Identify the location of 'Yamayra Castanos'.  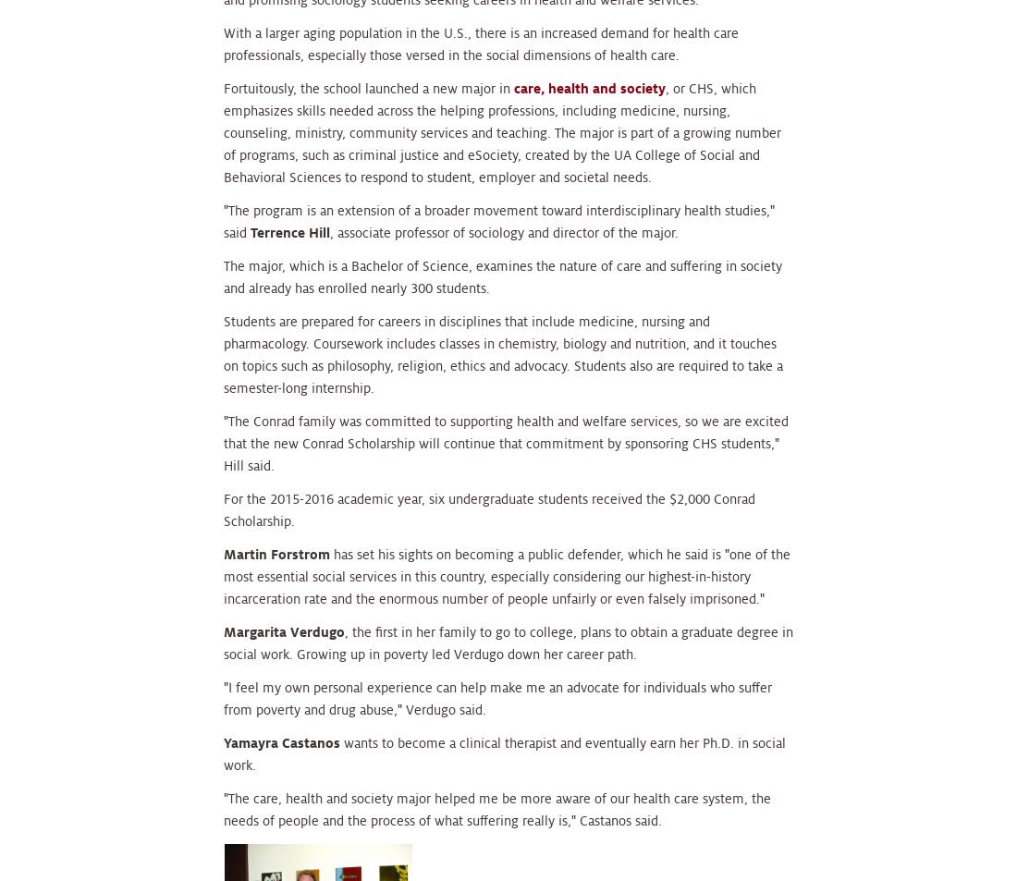
(224, 741).